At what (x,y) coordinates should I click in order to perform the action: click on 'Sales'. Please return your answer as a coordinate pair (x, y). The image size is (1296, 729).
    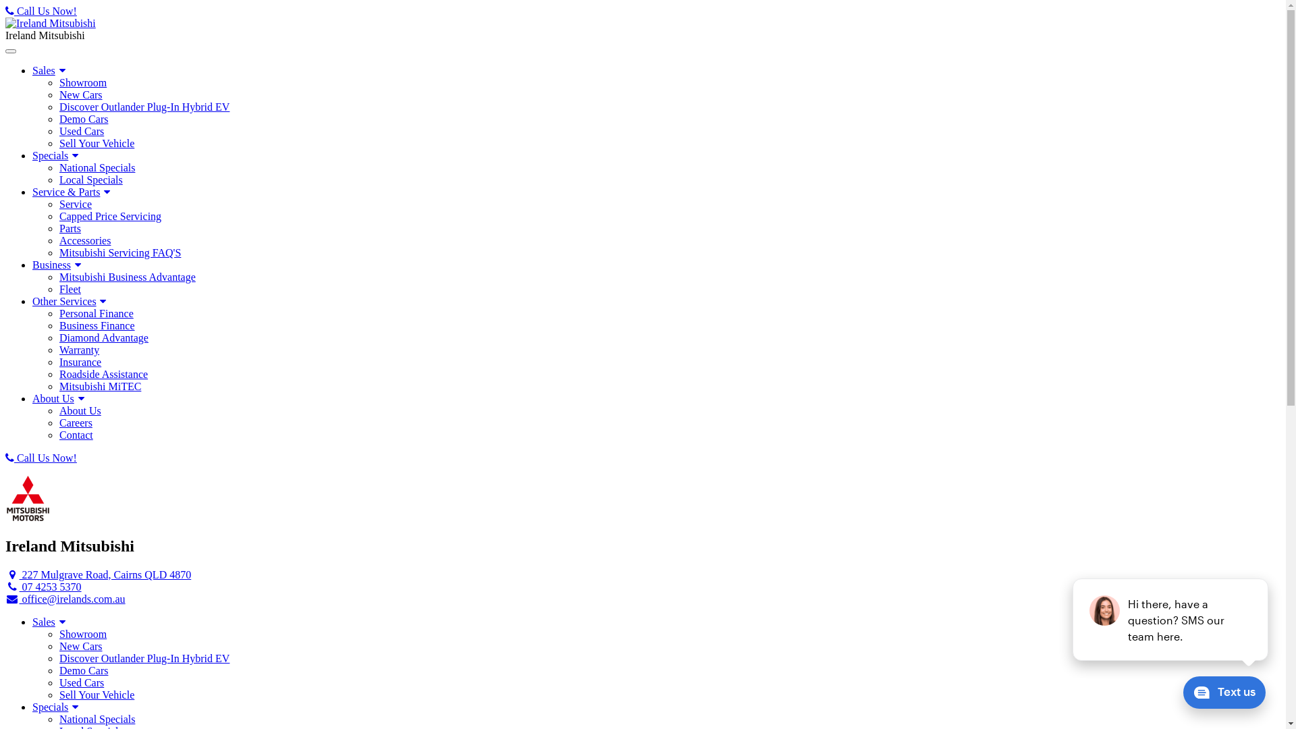
    Looking at the image, I should click on (51, 622).